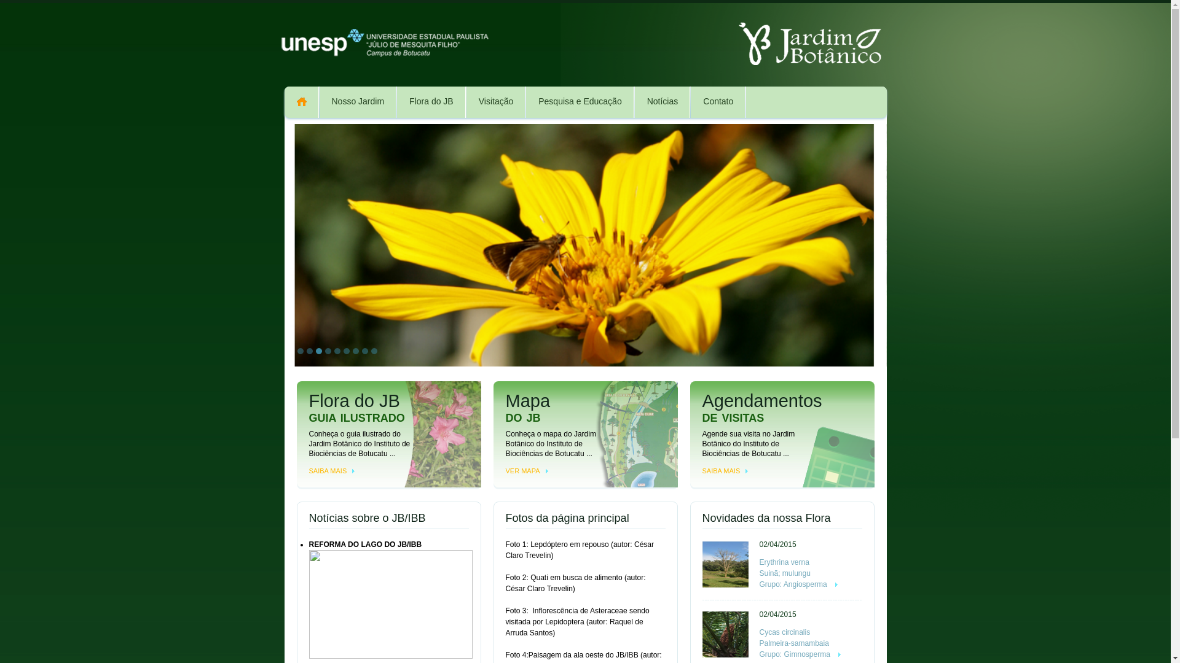 The width and height of the screenshot is (1180, 663). Describe the element at coordinates (374, 351) in the screenshot. I see `'9'` at that location.